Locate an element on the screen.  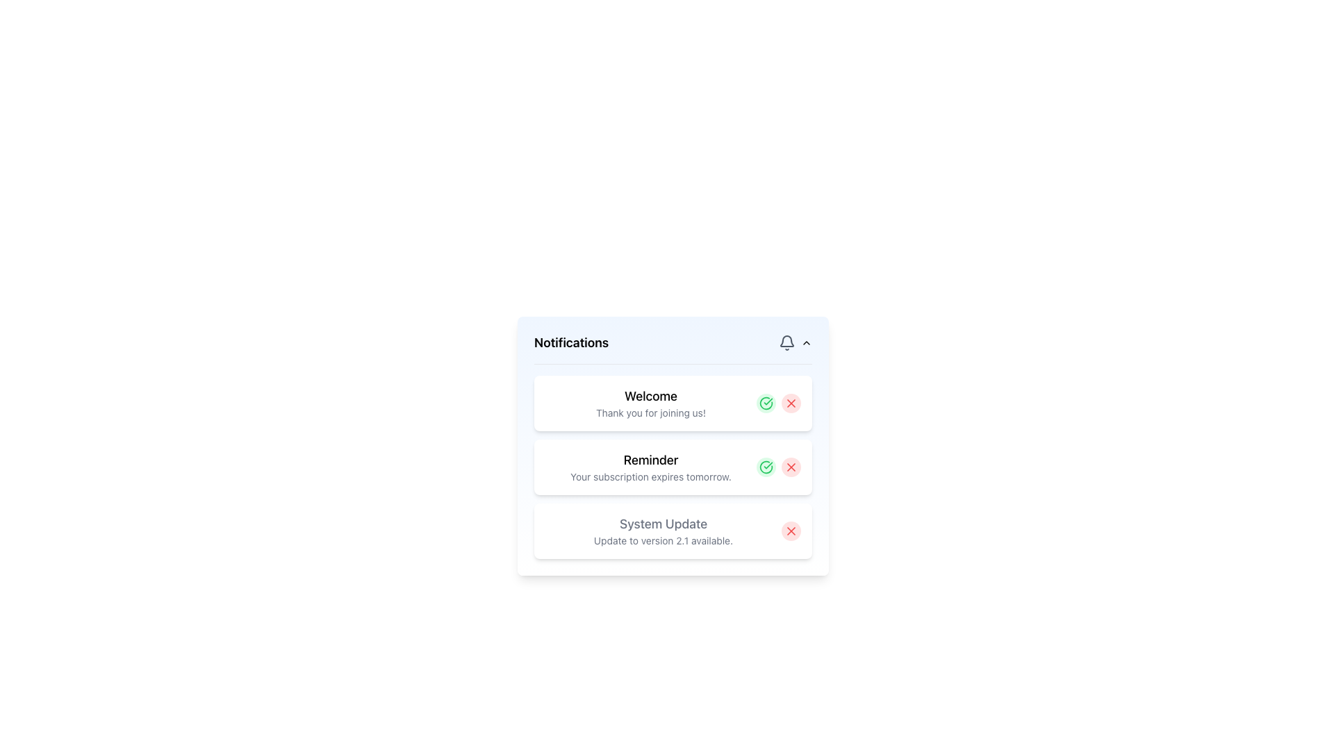
the text label that serves as the title or heading for the second notification card from the top is located at coordinates (650, 460).